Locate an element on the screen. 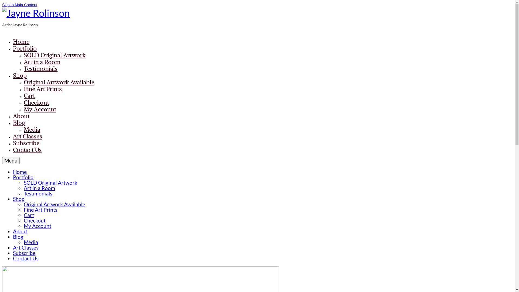  'Art in a Room' is located at coordinates (39, 188).